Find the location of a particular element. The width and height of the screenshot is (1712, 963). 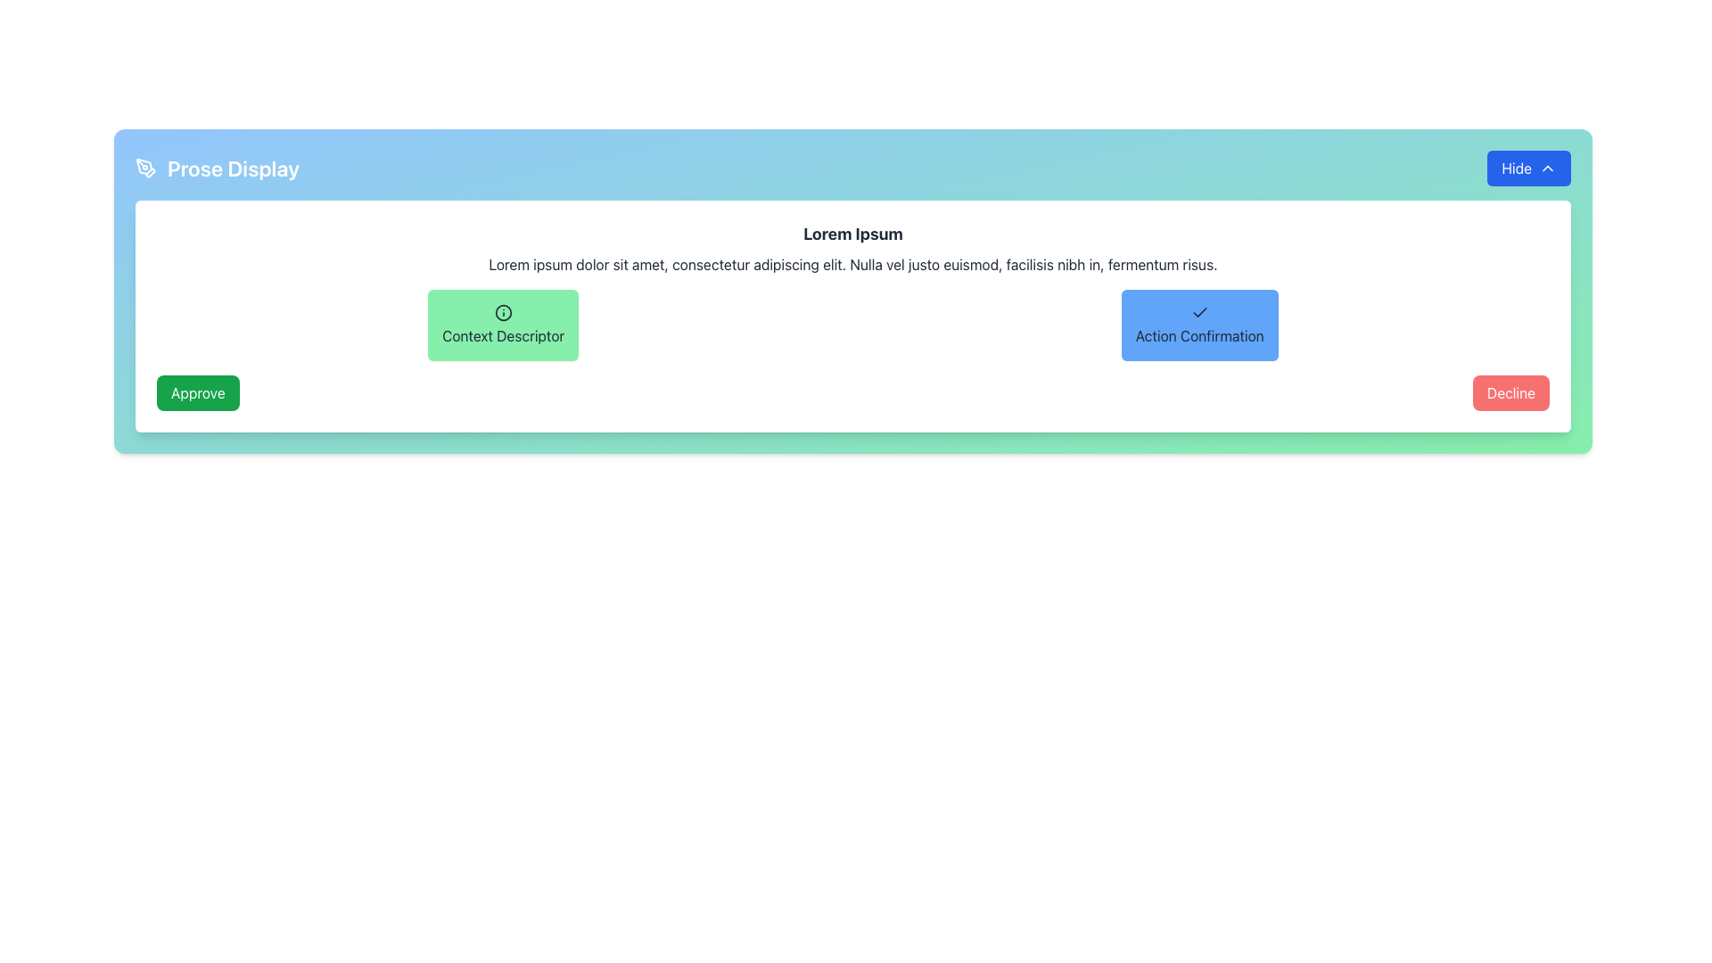

the bright blue rectangular button with rounded corners labeled 'Action Confirmation', which is located to the right of the green button labeled 'Context Descriptor' is located at coordinates (1199, 325).